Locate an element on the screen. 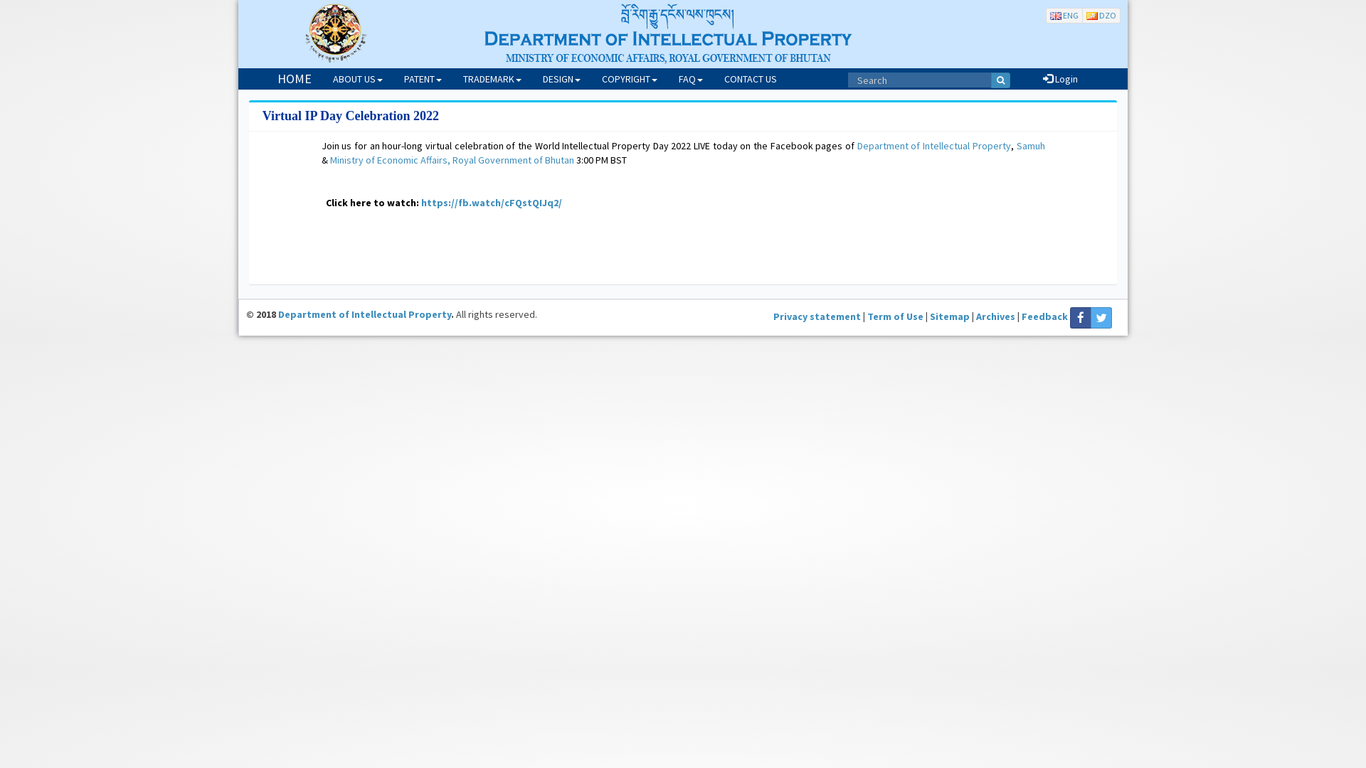 The width and height of the screenshot is (1366, 768). 'DESIGN' is located at coordinates (561, 79).